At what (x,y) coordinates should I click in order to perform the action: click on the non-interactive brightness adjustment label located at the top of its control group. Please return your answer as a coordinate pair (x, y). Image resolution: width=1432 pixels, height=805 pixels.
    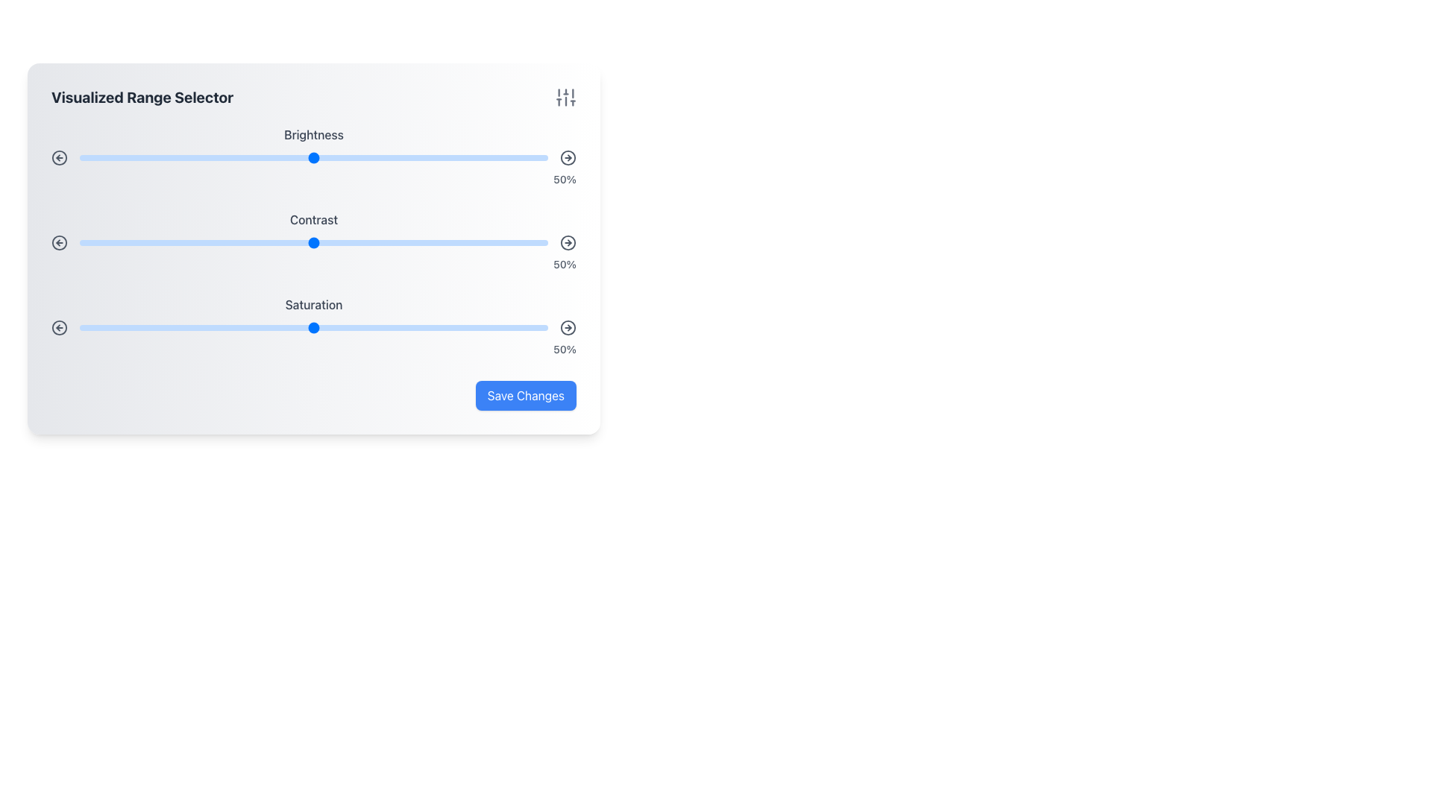
    Looking at the image, I should click on (313, 135).